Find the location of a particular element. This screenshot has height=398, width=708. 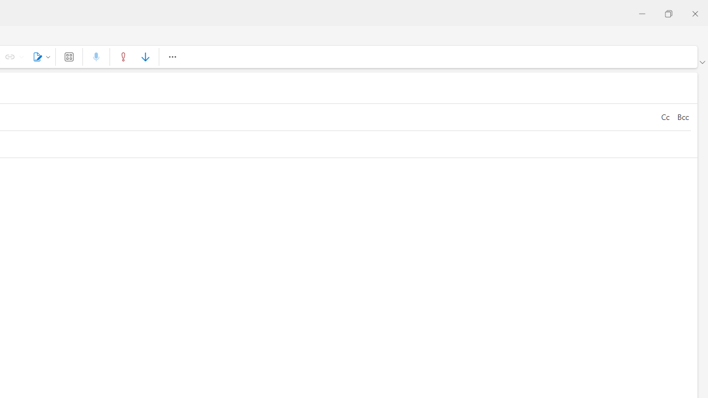

'High importance' is located at coordinates (123, 56).